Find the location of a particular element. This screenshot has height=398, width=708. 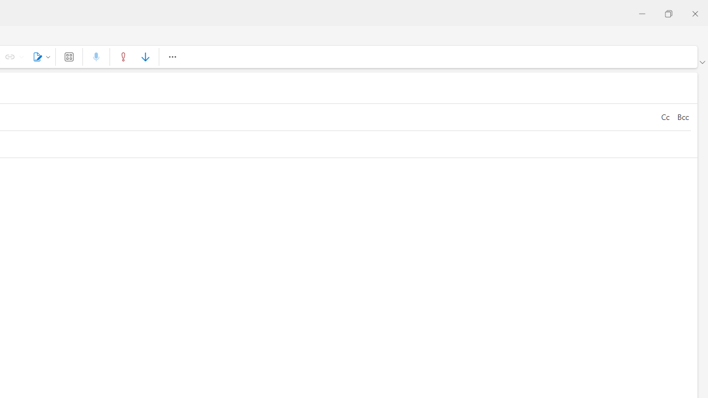

'High importance' is located at coordinates (123, 56).